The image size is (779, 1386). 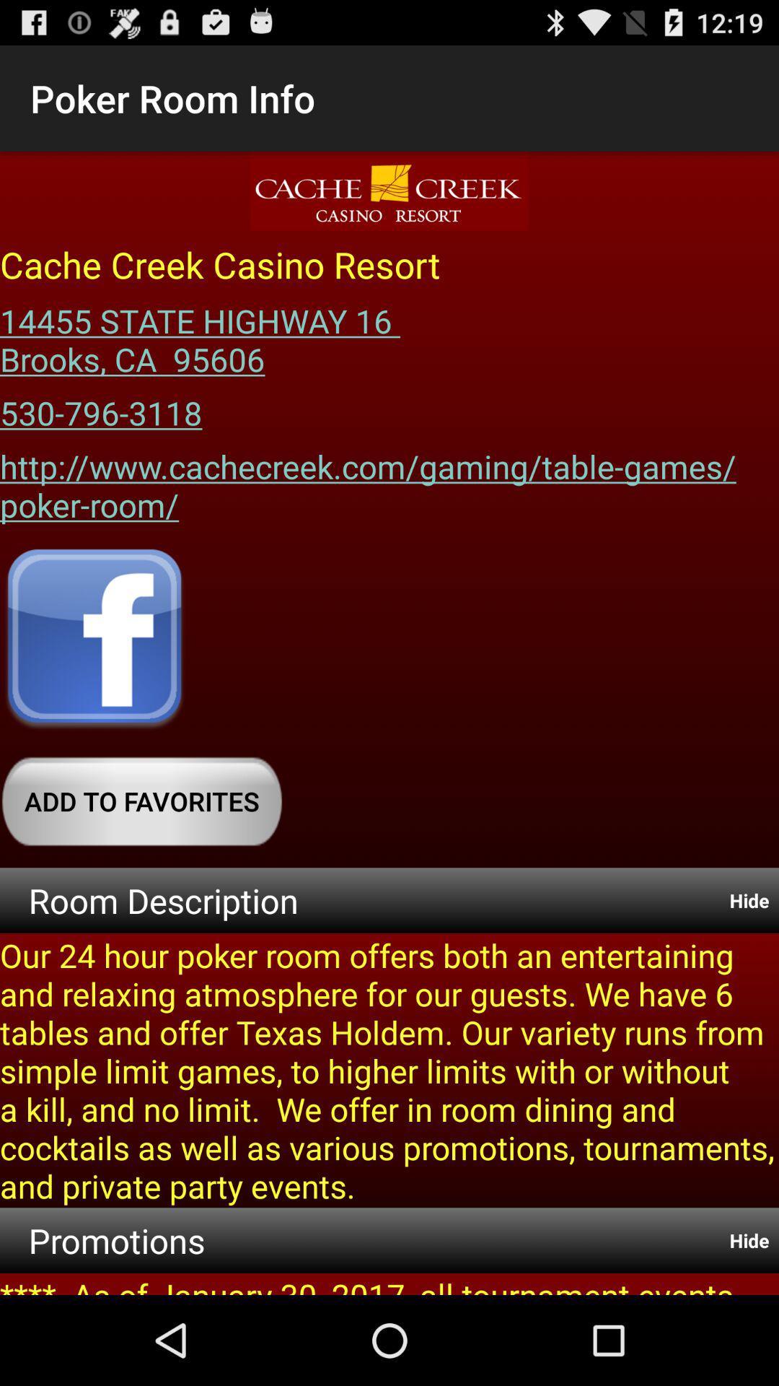 What do you see at coordinates (389, 481) in the screenshot?
I see `icon below the 530-796-3118` at bounding box center [389, 481].